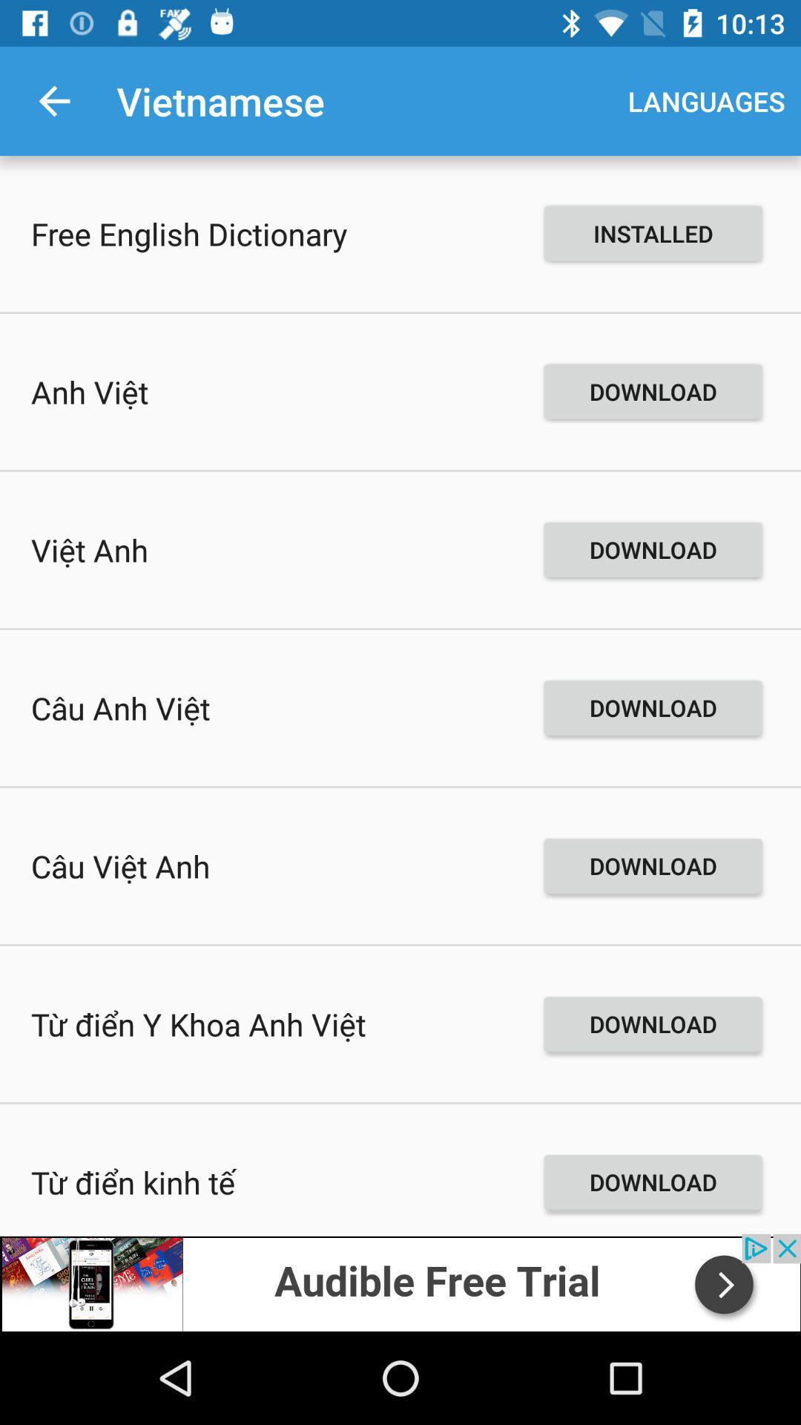  What do you see at coordinates (400, 1282) in the screenshot?
I see `the advertisement` at bounding box center [400, 1282].